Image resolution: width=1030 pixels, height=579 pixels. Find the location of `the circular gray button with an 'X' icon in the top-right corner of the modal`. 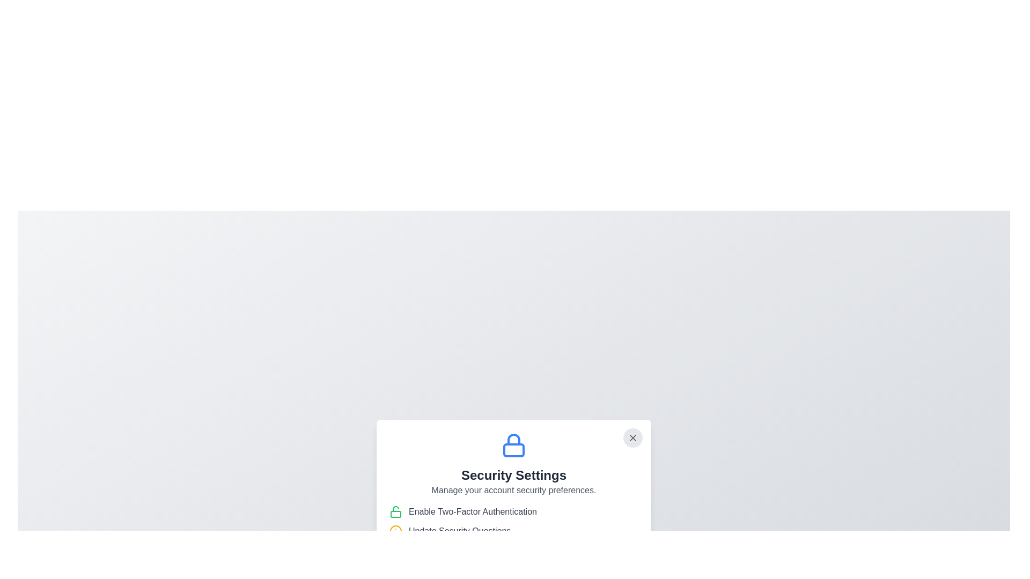

the circular gray button with an 'X' icon in the top-right corner of the modal is located at coordinates (633, 438).